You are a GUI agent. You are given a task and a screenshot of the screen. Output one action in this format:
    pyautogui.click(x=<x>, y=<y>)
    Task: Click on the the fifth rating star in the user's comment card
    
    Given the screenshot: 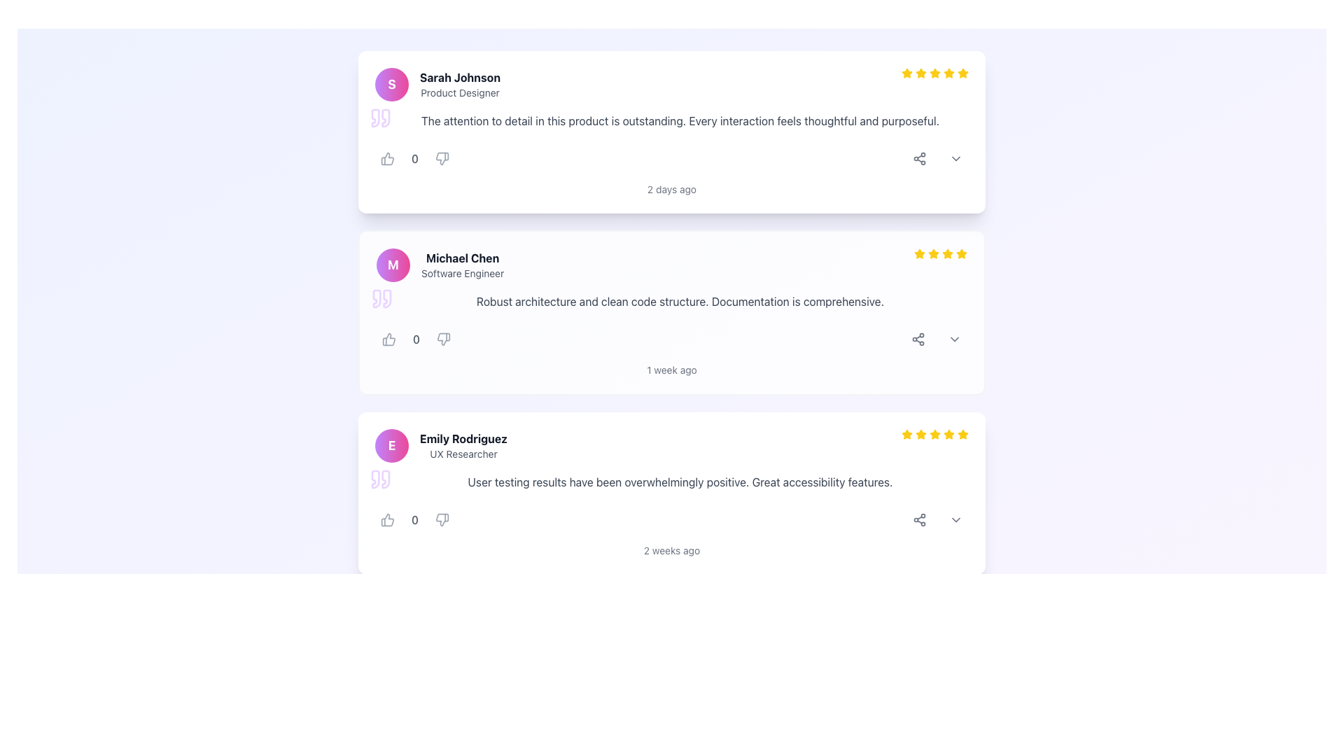 What is the action you would take?
    pyautogui.click(x=949, y=433)
    